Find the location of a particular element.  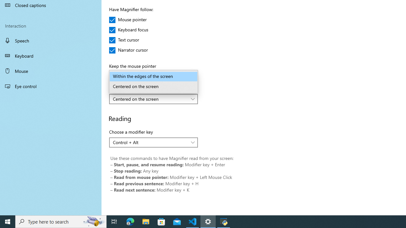

'Narrator cursor' is located at coordinates (128, 50).